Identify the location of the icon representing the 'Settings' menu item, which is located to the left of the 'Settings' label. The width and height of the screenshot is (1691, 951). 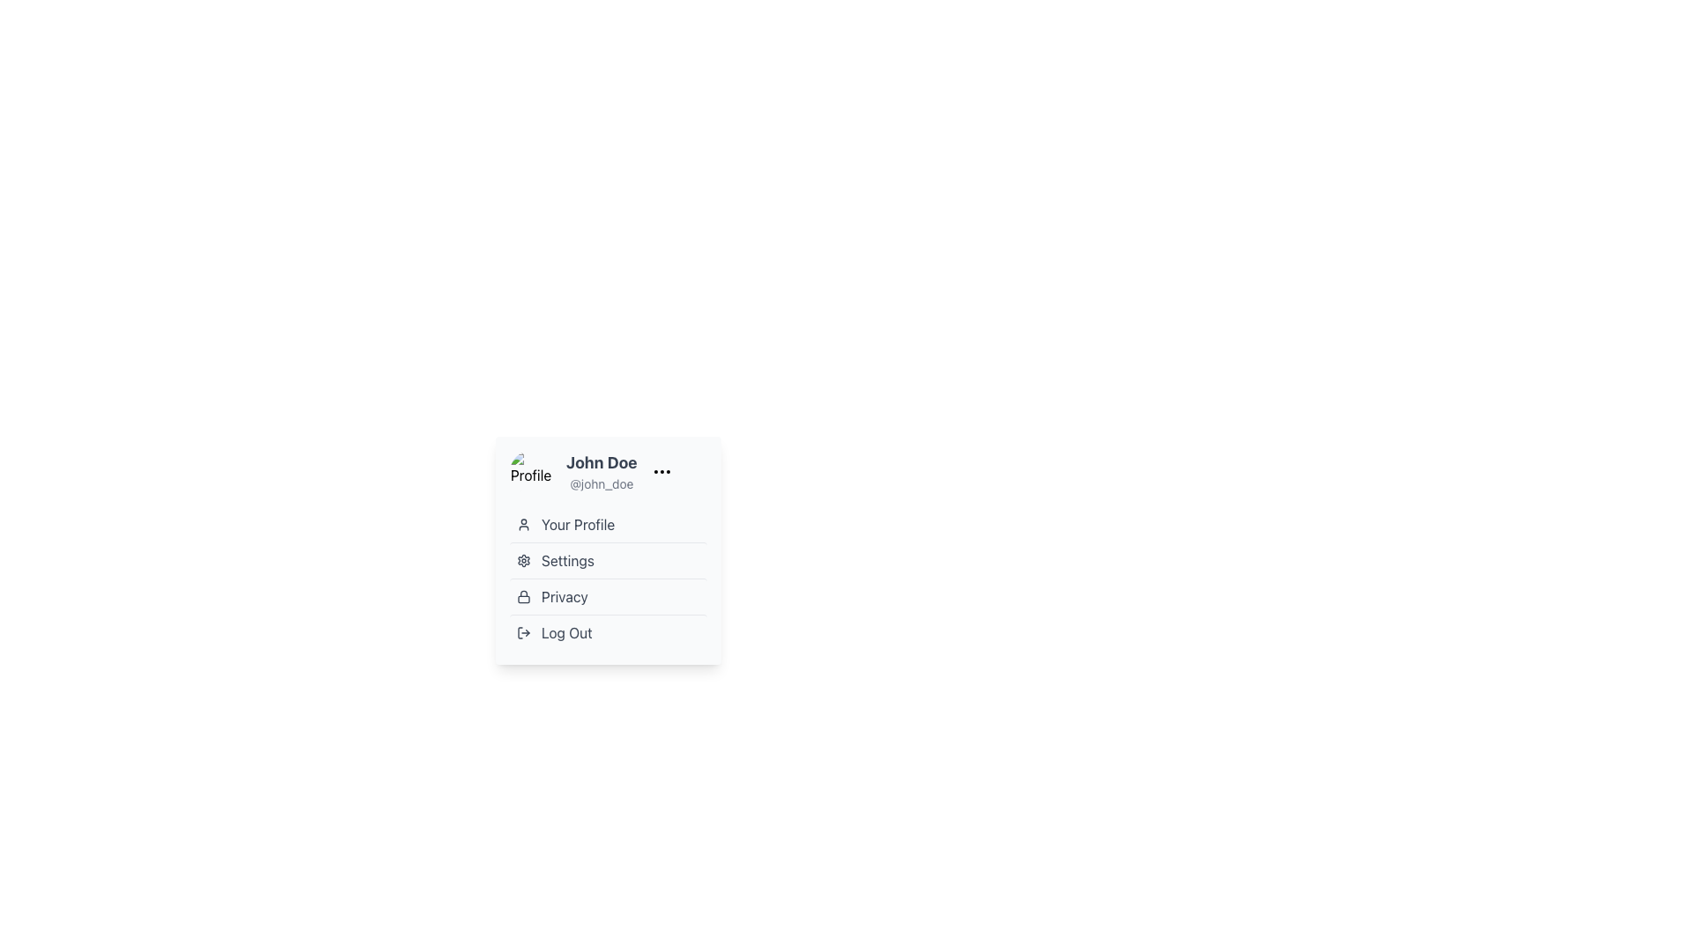
(523, 560).